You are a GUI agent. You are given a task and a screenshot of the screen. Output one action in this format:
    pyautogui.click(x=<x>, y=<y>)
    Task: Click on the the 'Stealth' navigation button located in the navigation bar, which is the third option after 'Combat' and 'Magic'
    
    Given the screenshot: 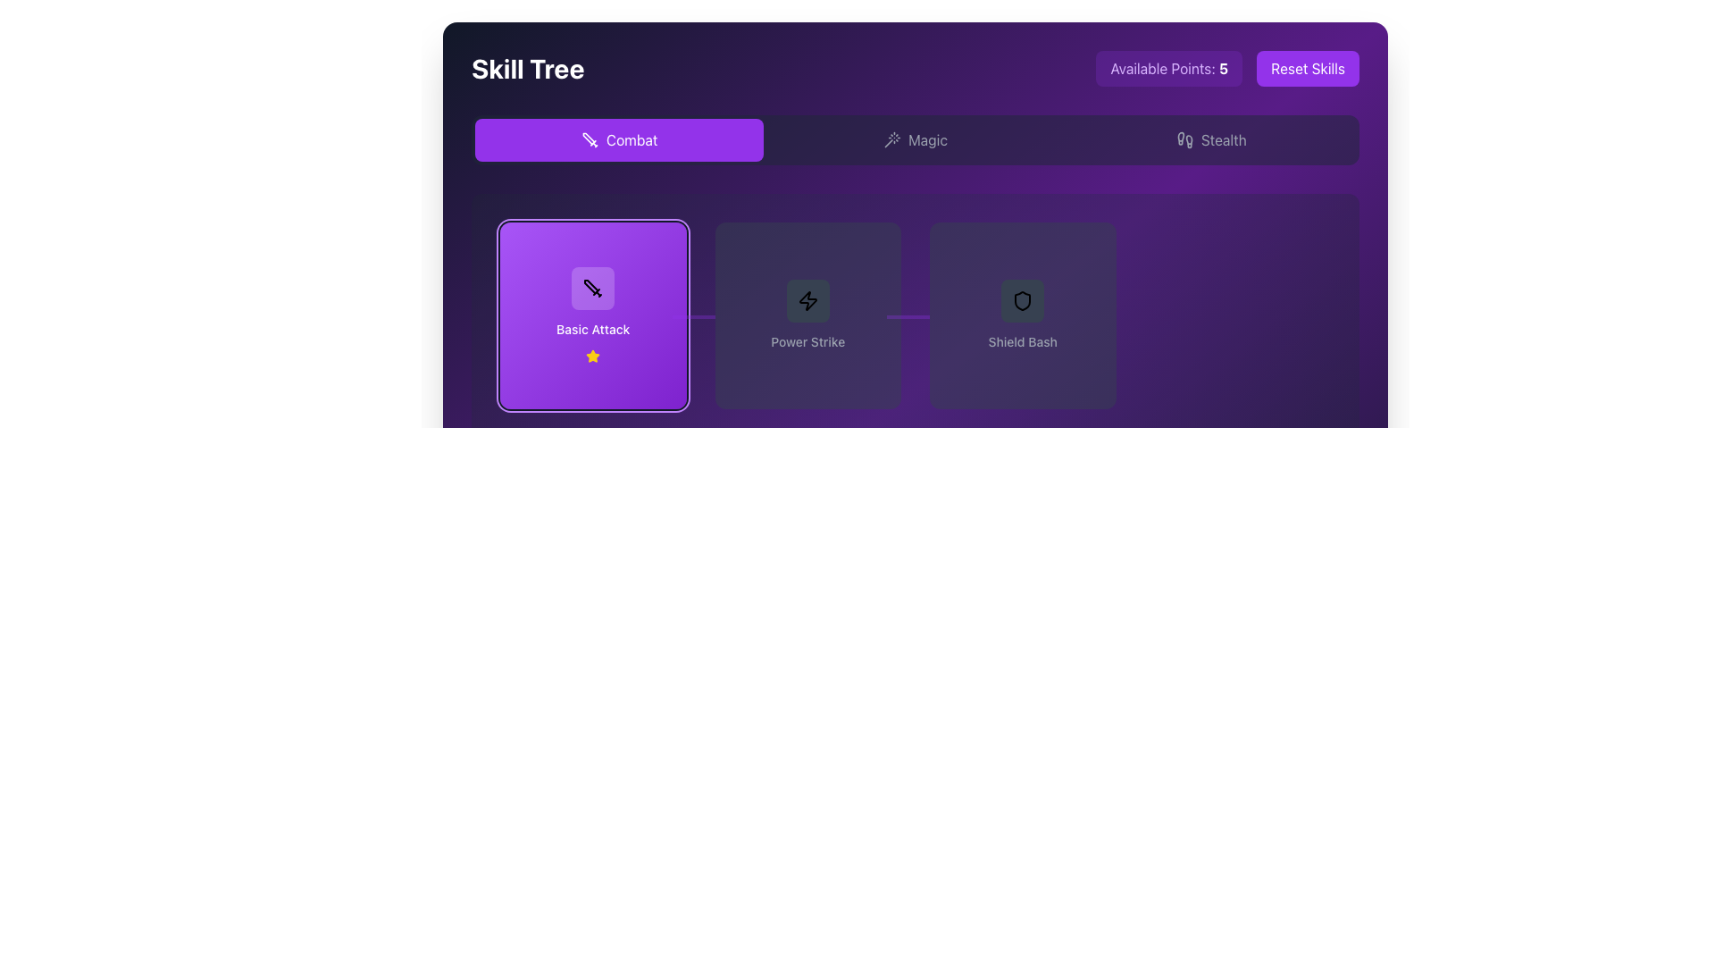 What is the action you would take?
    pyautogui.click(x=1211, y=139)
    